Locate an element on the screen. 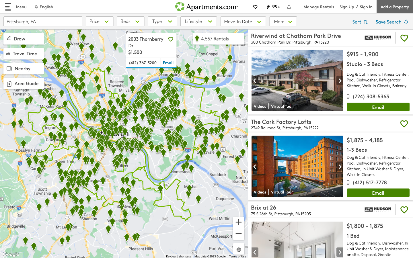 This screenshot has width=413, height=258. change language is located at coordinates (43, 6).